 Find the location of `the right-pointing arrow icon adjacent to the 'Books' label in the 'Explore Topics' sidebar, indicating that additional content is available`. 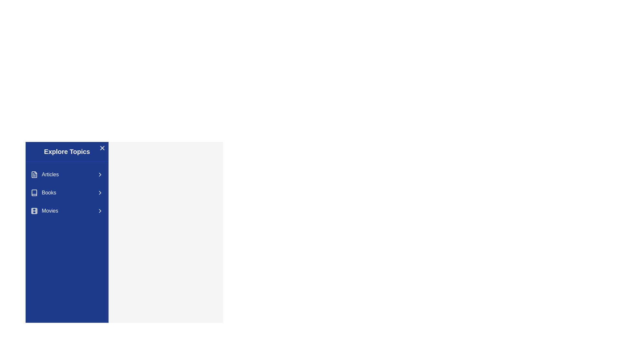

the right-pointing arrow icon adjacent to the 'Books' label in the 'Explore Topics' sidebar, indicating that additional content is available is located at coordinates (99, 192).